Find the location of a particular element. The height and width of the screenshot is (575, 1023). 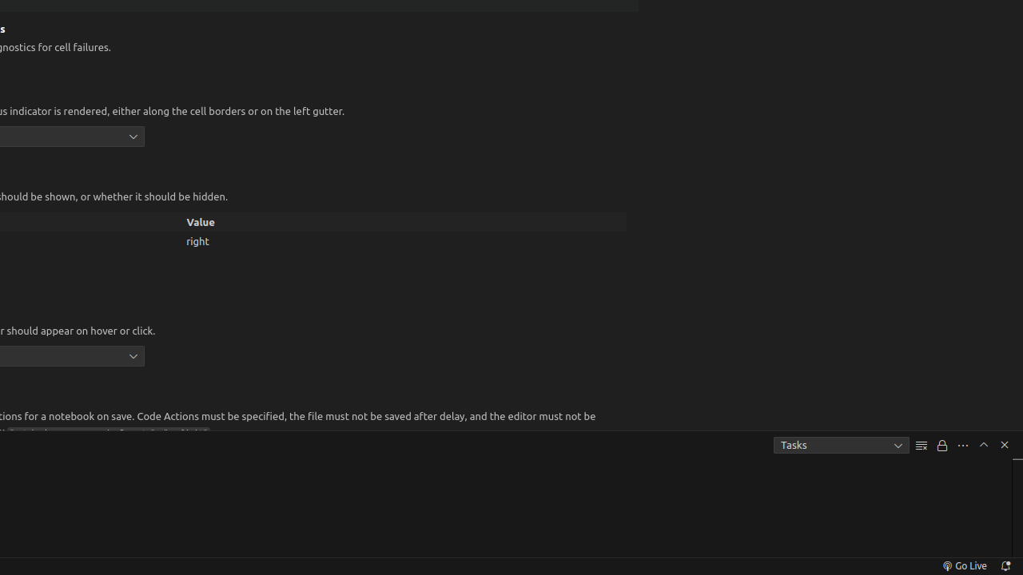

'Tasks' is located at coordinates (841, 445).